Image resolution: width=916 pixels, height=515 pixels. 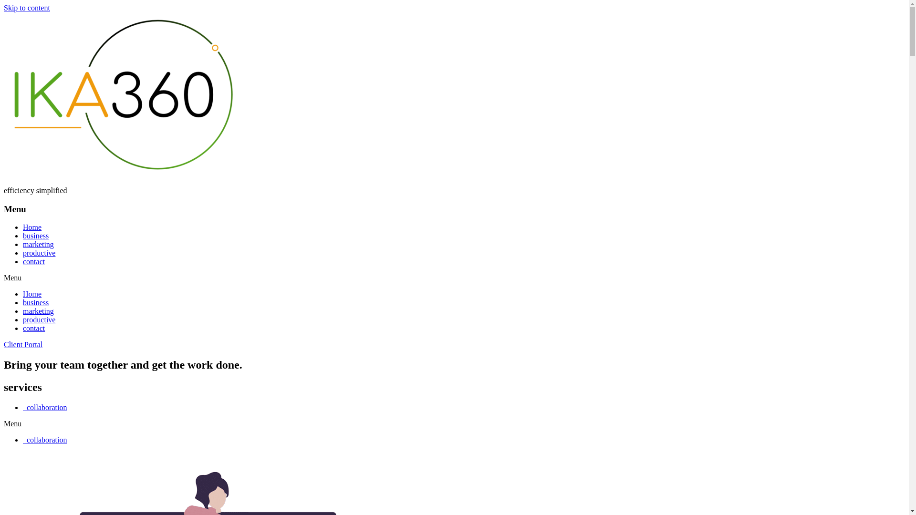 What do you see at coordinates (44, 407) in the screenshot?
I see `'  collaboration'` at bounding box center [44, 407].